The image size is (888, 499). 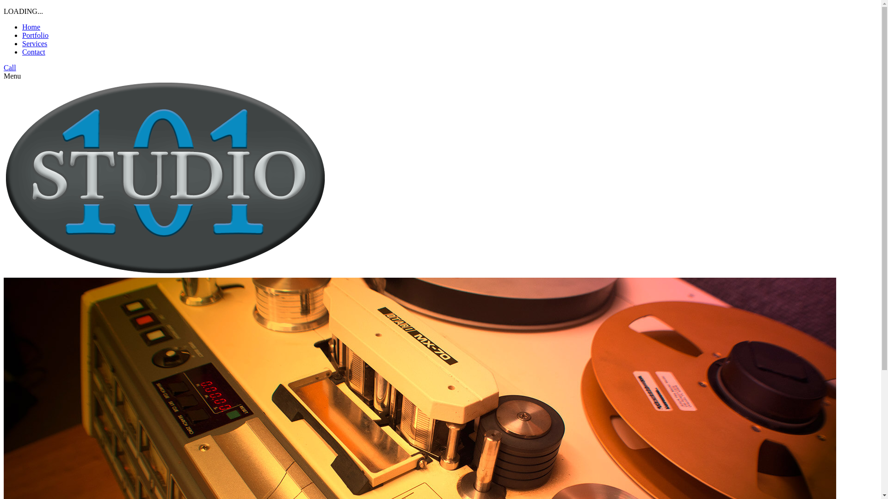 What do you see at coordinates (33, 52) in the screenshot?
I see `'Contact'` at bounding box center [33, 52].